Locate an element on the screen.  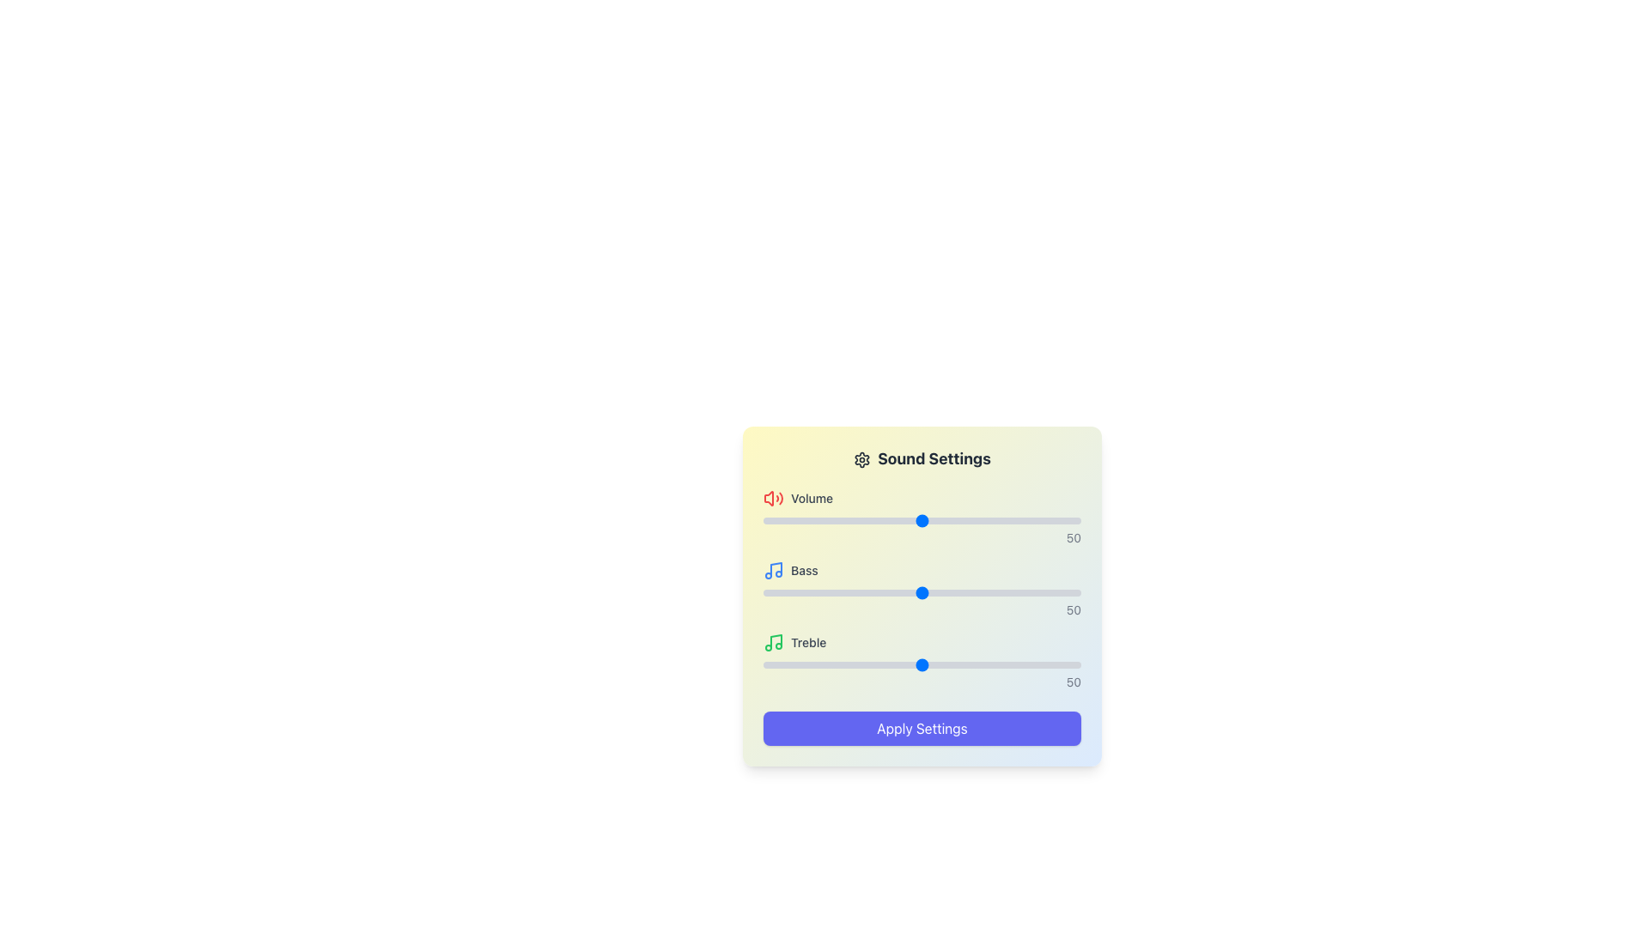
the text label displaying 'Volume' with a gray font, which is positioned adjacent to a sound icon in the settings interface is located at coordinates (811, 499).